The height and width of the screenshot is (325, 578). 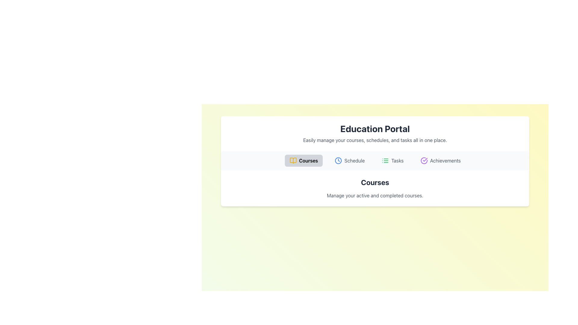 What do you see at coordinates (397, 160) in the screenshot?
I see `the text label displaying 'Tasks', which is the rightmost label in the navigation section of the Education Portal interface, positioned between 'Schedule' and 'Achievements'` at bounding box center [397, 160].